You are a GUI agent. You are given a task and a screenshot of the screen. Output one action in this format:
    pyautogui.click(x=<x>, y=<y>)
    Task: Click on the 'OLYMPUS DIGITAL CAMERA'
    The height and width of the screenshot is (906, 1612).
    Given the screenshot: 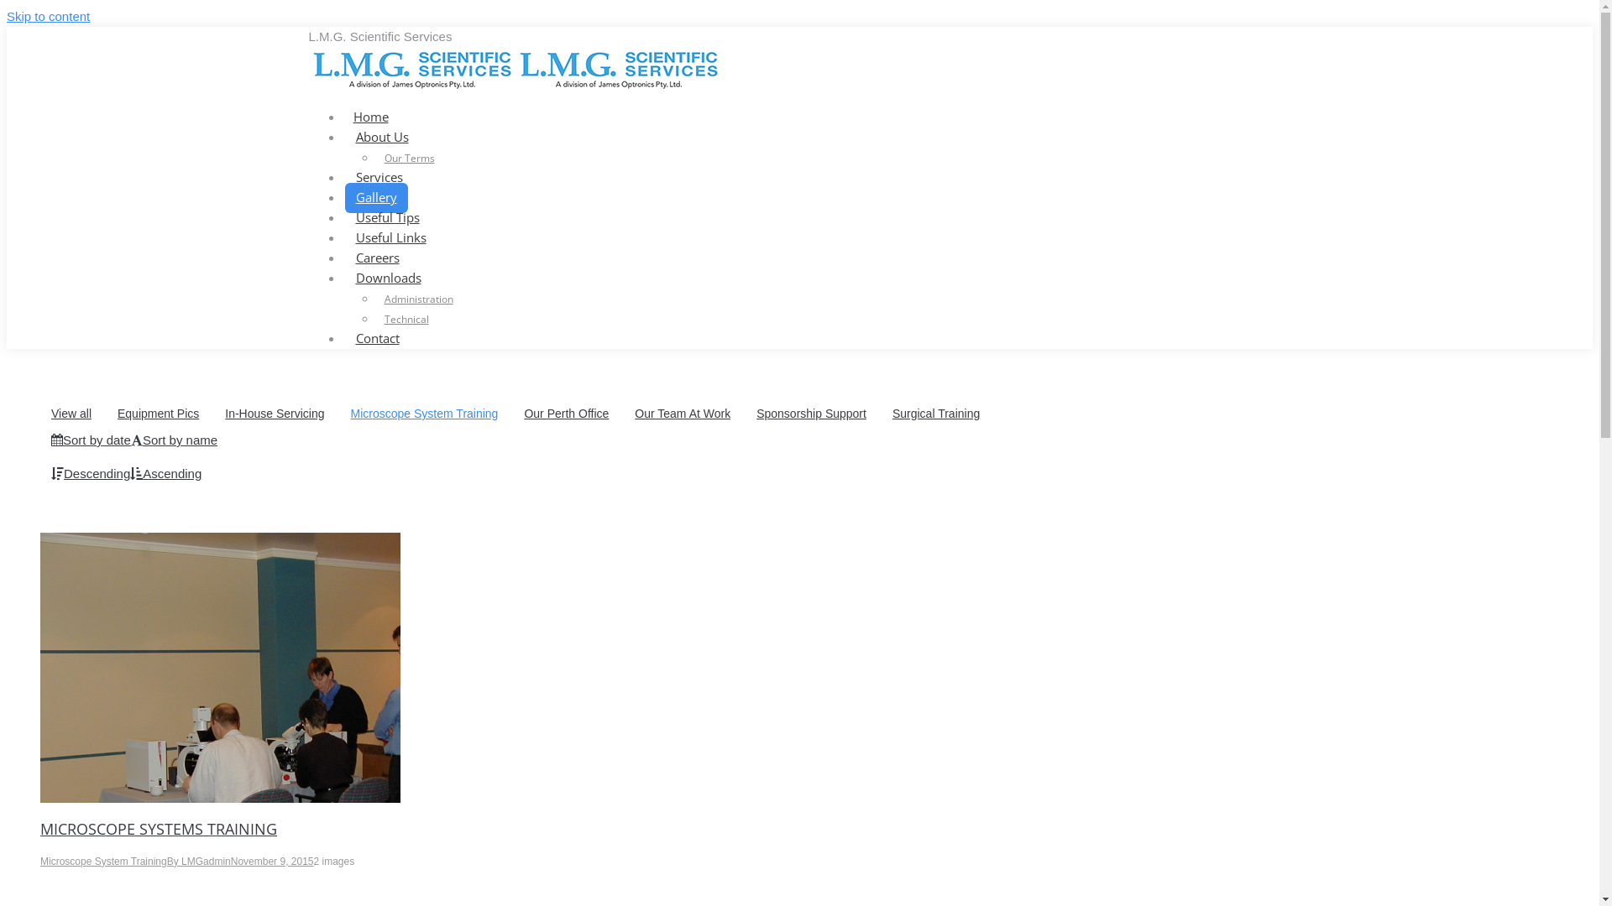 What is the action you would take?
    pyautogui.click(x=219, y=666)
    